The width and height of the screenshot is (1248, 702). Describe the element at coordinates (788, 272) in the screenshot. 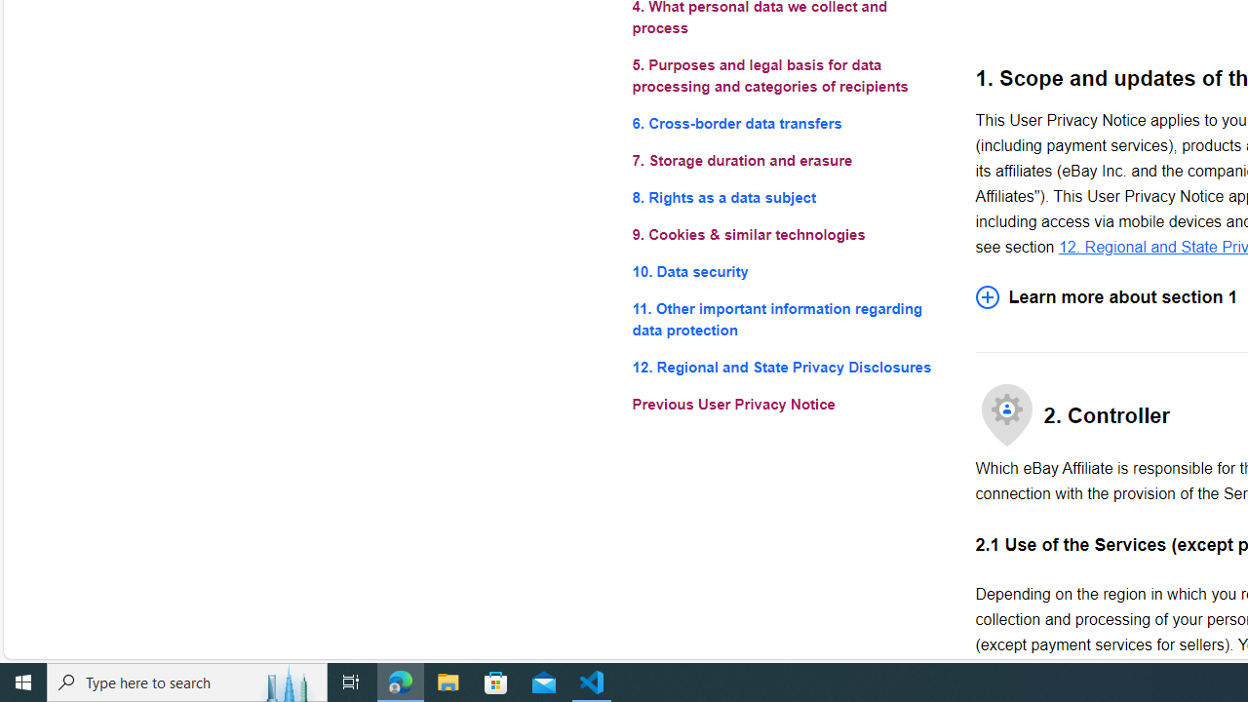

I see `'10. Data security'` at that location.